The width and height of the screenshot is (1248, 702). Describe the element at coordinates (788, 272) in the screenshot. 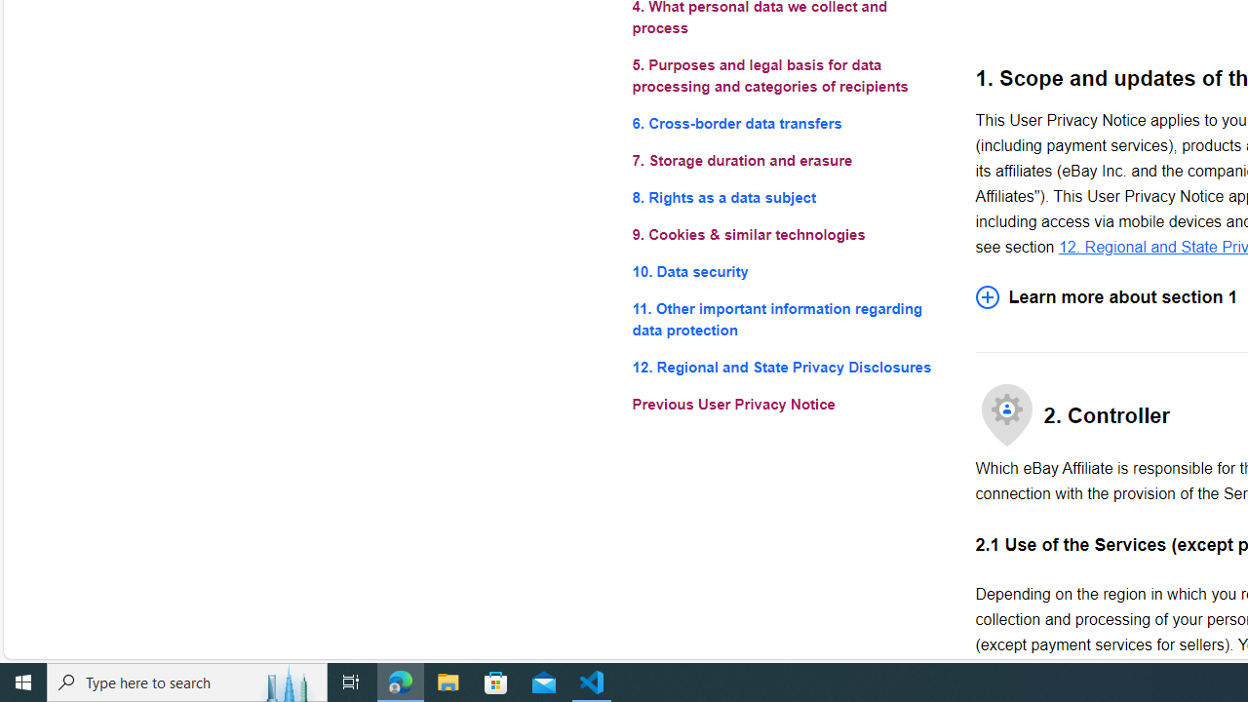

I see `'10. Data security'` at that location.